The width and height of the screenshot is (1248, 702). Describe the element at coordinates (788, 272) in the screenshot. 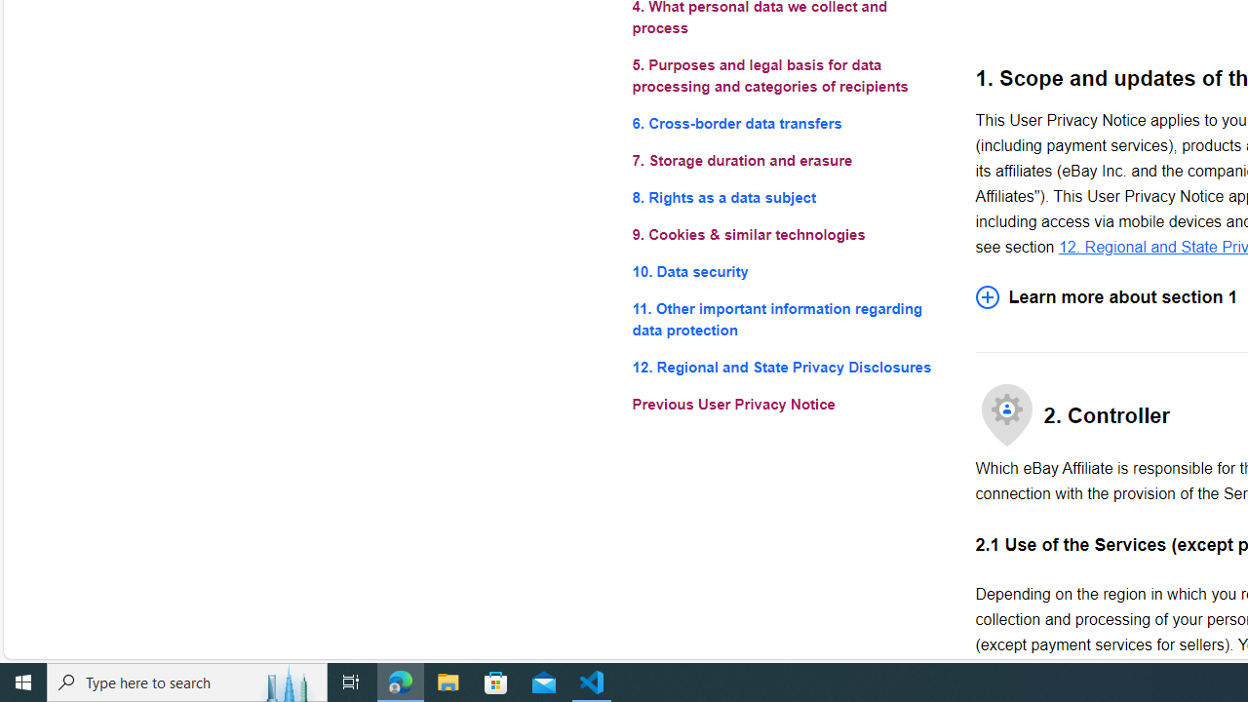

I see `'10. Data security'` at that location.